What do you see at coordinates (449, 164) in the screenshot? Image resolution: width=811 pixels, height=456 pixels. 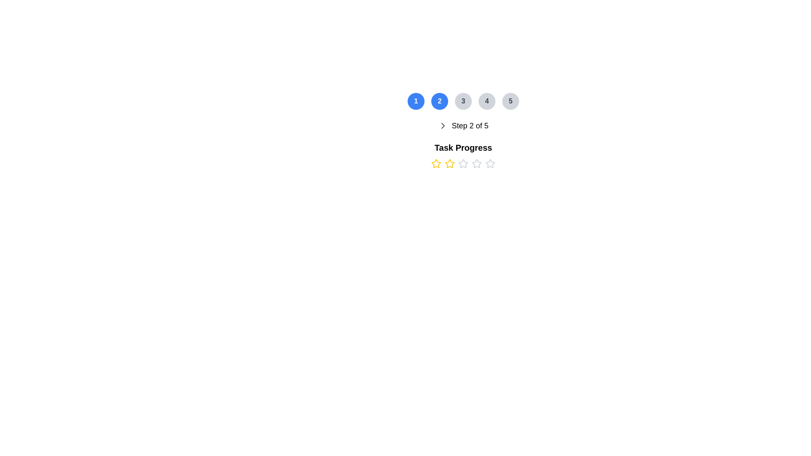 I see `the second star-shaped icon in the five-star rating control below the 'Task Progress' label to increase the rating` at bounding box center [449, 164].